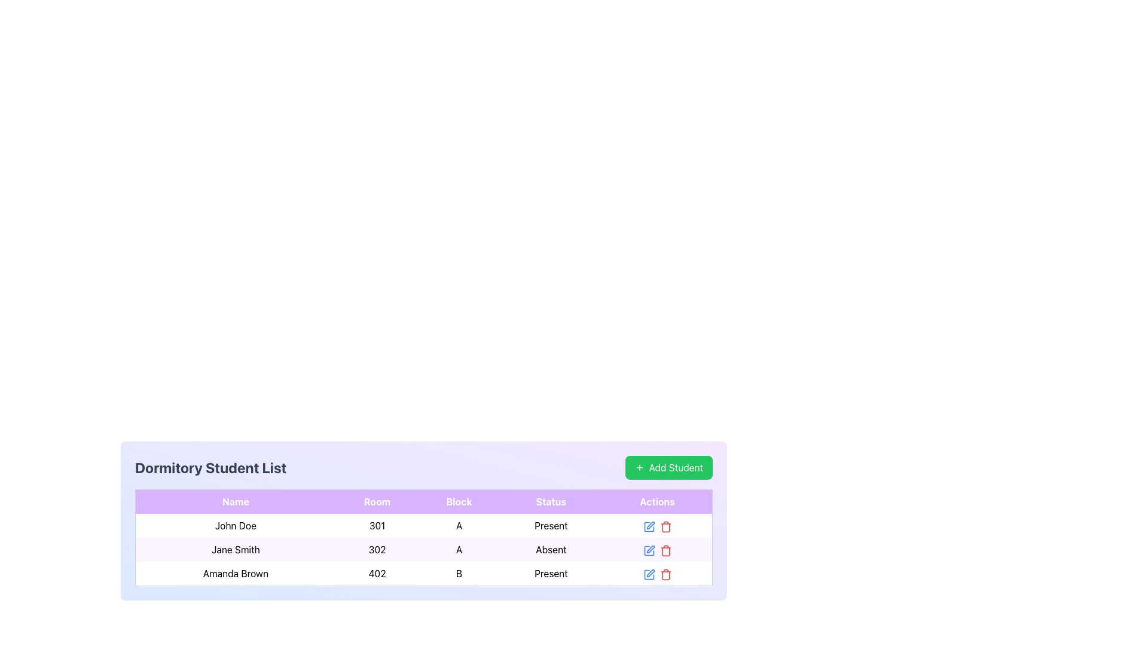 The width and height of the screenshot is (1148, 646). What do you see at coordinates (459, 525) in the screenshot?
I see `the block identifier text in the 'Block' column of the first row of the table, which is located between '301' in the 'Room' column and 'Present' in the 'Status' column` at bounding box center [459, 525].